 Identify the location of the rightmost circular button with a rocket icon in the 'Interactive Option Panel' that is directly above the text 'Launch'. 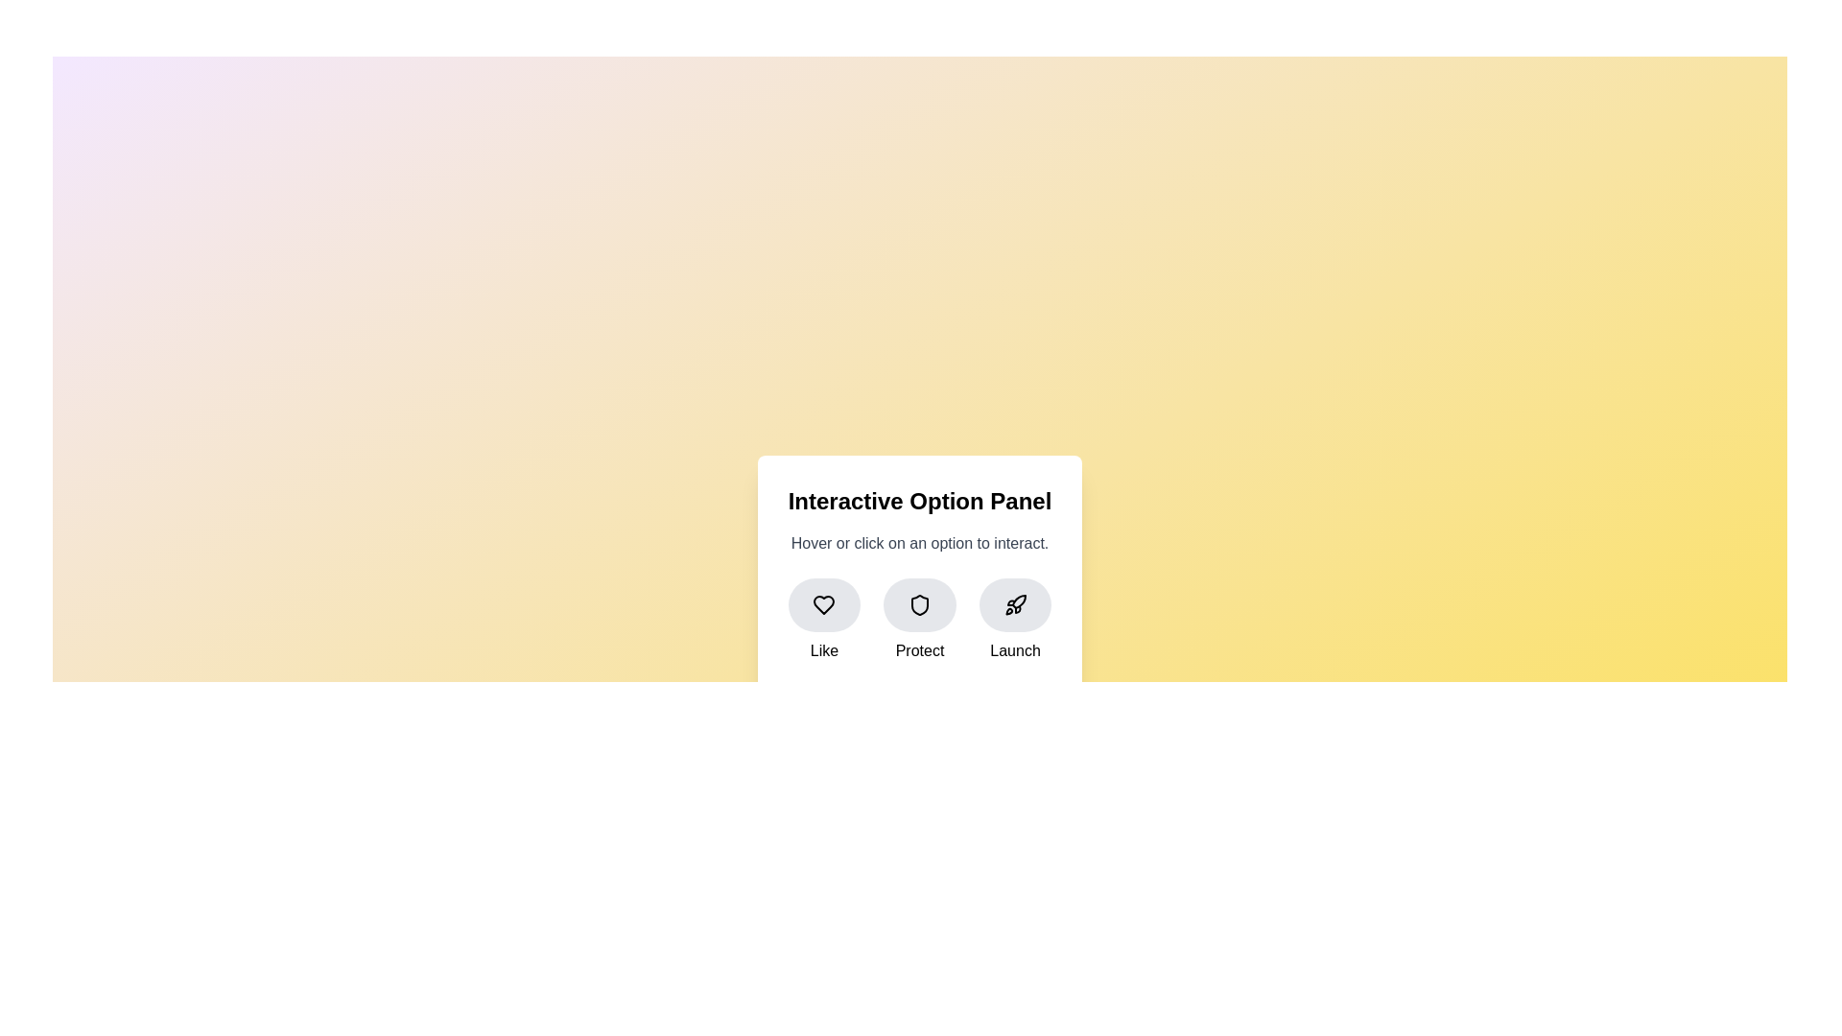
(1014, 605).